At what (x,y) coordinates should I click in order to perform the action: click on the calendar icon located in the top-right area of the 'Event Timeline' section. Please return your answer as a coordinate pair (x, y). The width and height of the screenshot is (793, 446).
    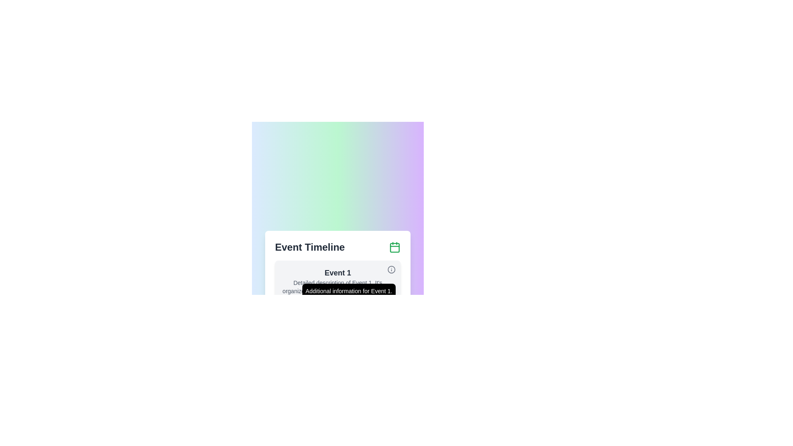
    Looking at the image, I should click on (394, 247).